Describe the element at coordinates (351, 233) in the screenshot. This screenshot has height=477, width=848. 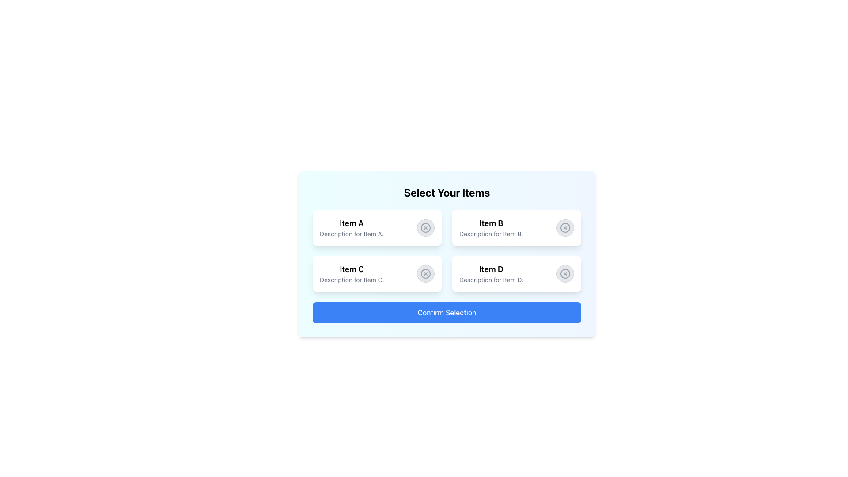
I see `descriptive text located directly below the bold 'Item A' heading in the top-left quadrant of the selection grid, which elaborates on the content or purpose of 'Item A'` at that location.